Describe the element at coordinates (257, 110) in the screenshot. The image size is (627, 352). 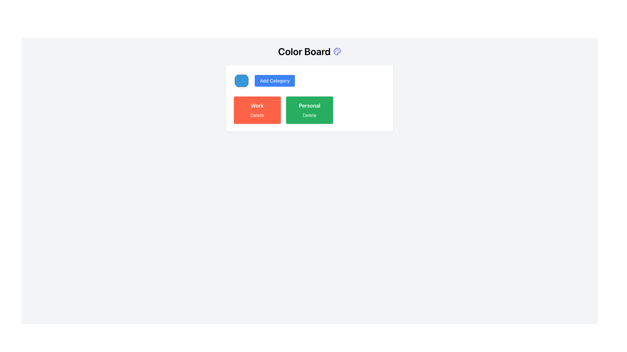
I see `the 'Delete' button labeled under the category 'Work'` at that location.